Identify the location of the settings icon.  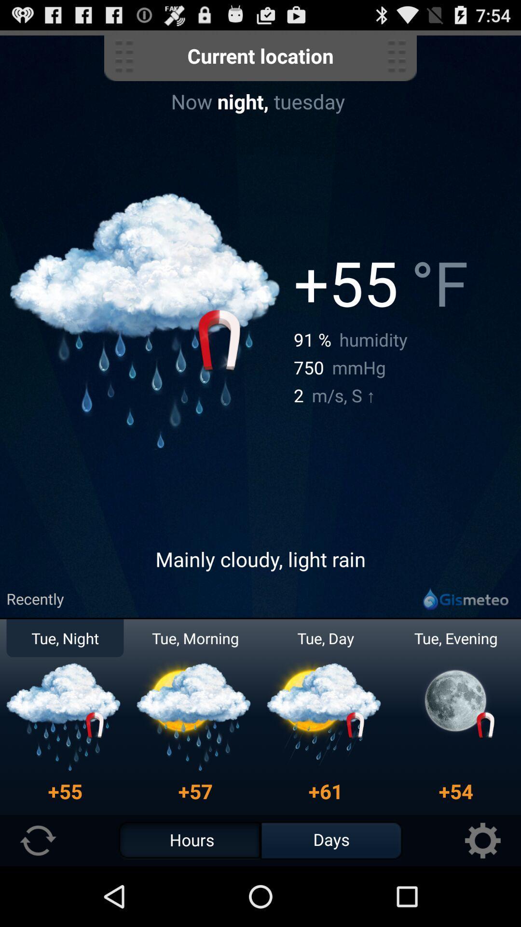
(482, 899).